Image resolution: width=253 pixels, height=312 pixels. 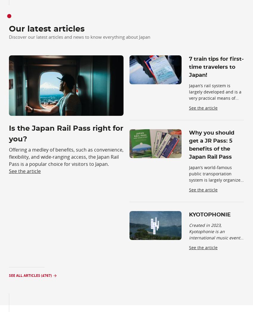 What do you see at coordinates (214, 250) in the screenshot?
I see `'Created in 2023, Kyotophonie is an international music event held in Kyoto Prefecture, bringing together dozens of artists from all over the world, performing in unique settings and staging in'` at bounding box center [214, 250].